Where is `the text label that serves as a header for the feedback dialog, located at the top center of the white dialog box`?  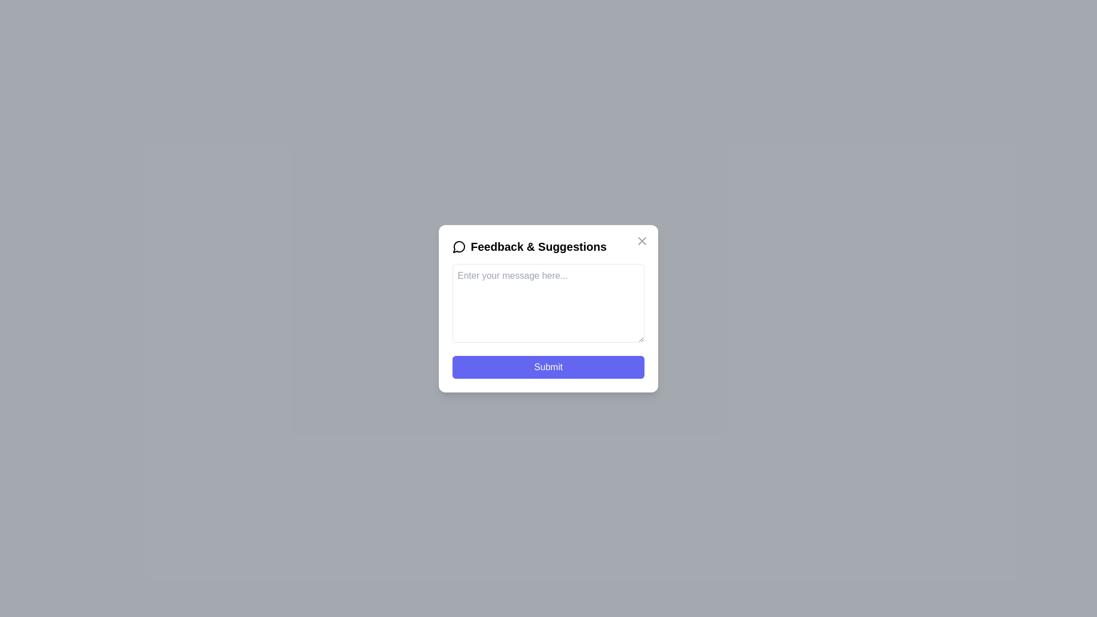
the text label that serves as a header for the feedback dialog, located at the top center of the white dialog box is located at coordinates (548, 246).